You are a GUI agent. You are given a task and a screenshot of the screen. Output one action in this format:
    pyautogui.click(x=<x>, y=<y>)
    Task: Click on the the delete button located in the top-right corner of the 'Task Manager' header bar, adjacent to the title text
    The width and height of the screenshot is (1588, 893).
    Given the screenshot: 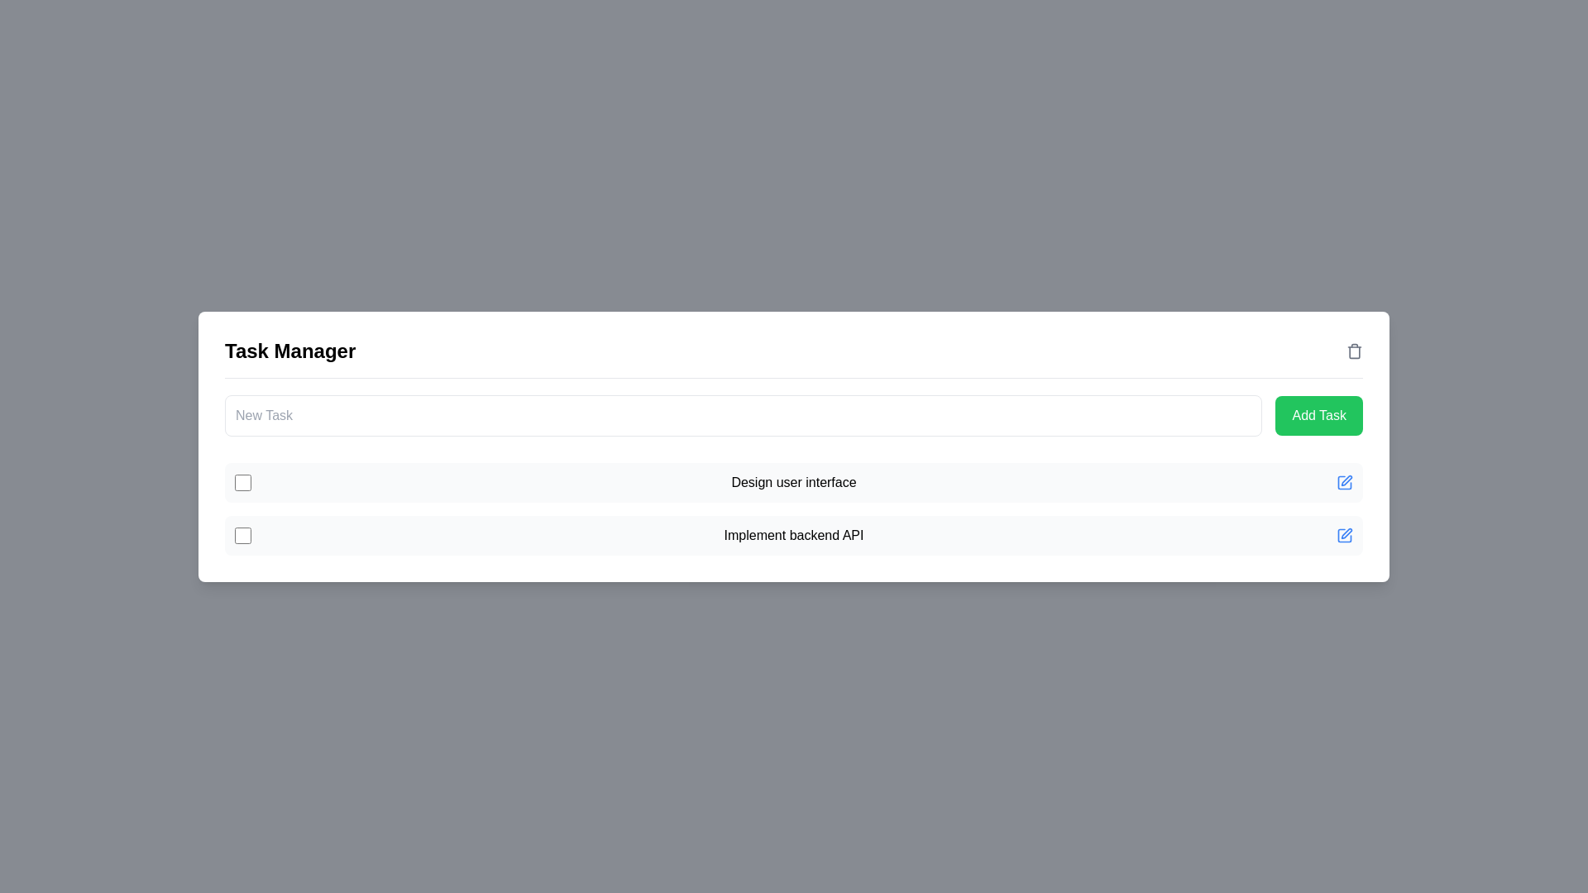 What is the action you would take?
    pyautogui.click(x=1354, y=350)
    